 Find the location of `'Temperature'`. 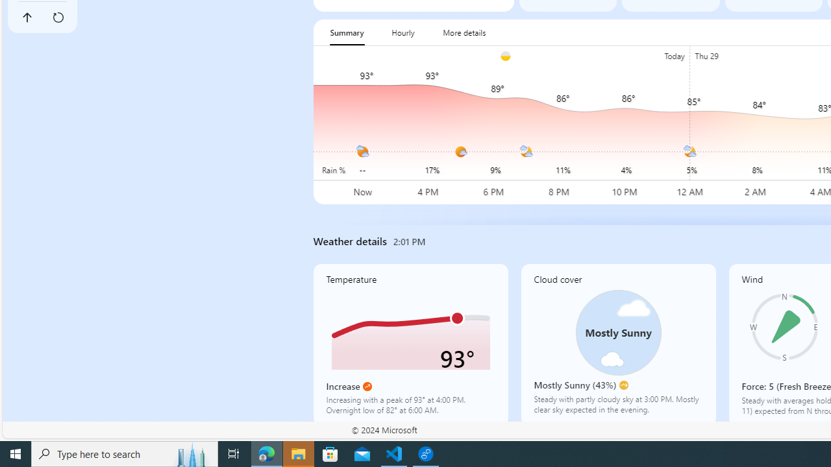

'Temperature' is located at coordinates (410, 344).